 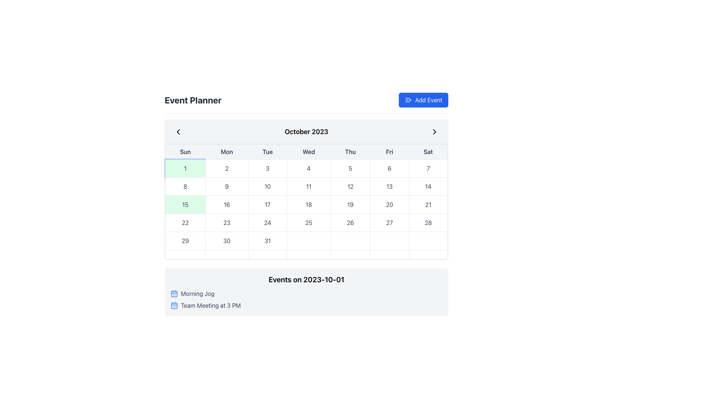 What do you see at coordinates (389, 186) in the screenshot?
I see `the text-based UI component displaying '13' in the calendar grid, which is the sixth element from the left, representing Friday` at bounding box center [389, 186].